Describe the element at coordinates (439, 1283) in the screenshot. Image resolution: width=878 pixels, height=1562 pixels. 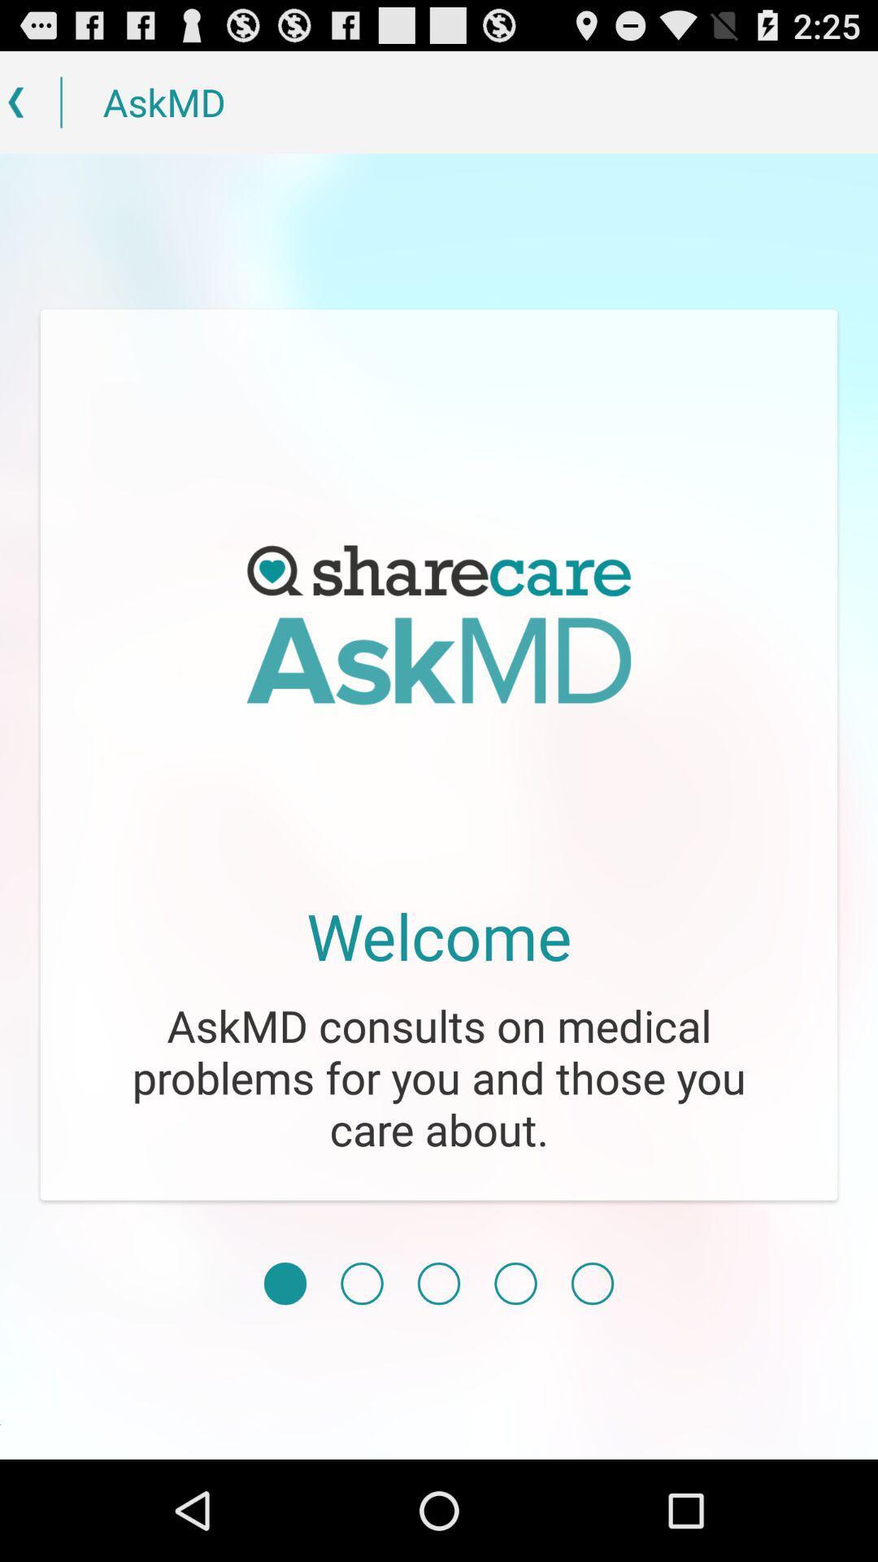
I see `third page selected` at that location.